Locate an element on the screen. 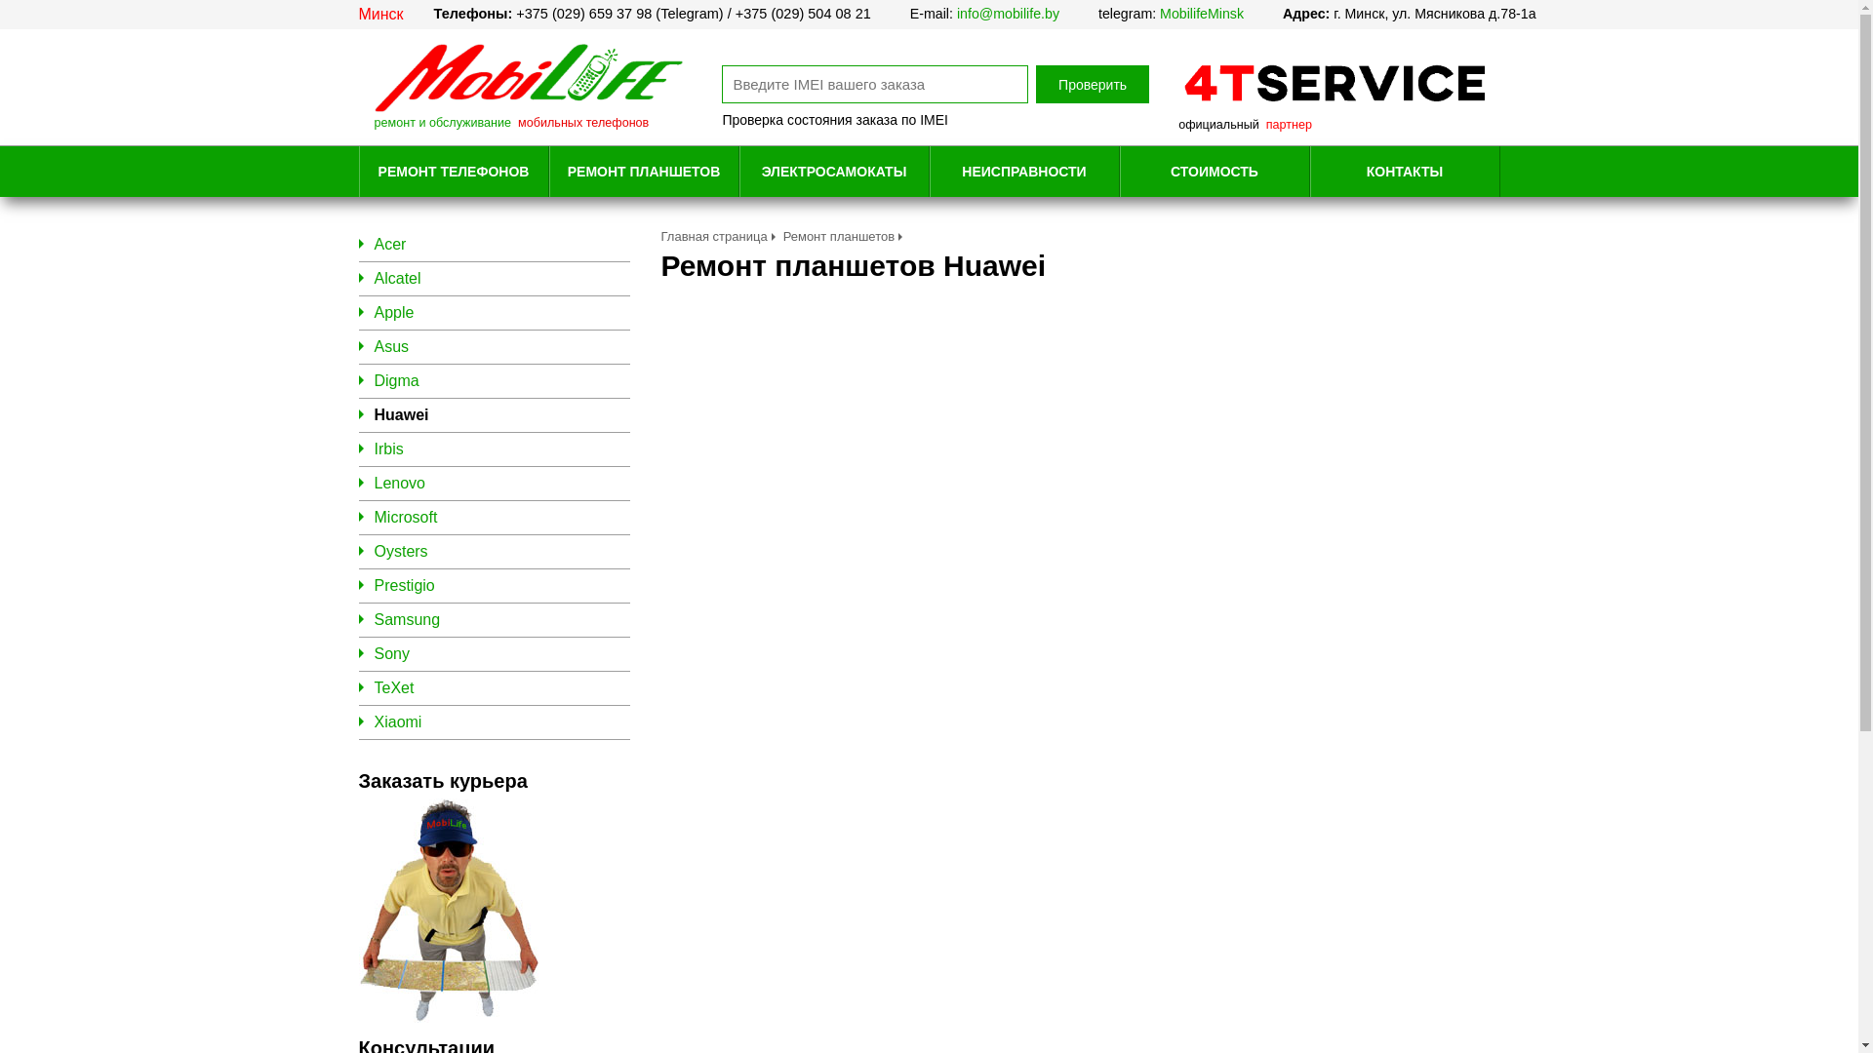 The image size is (1873, 1053). 'Sony' is located at coordinates (391, 653).